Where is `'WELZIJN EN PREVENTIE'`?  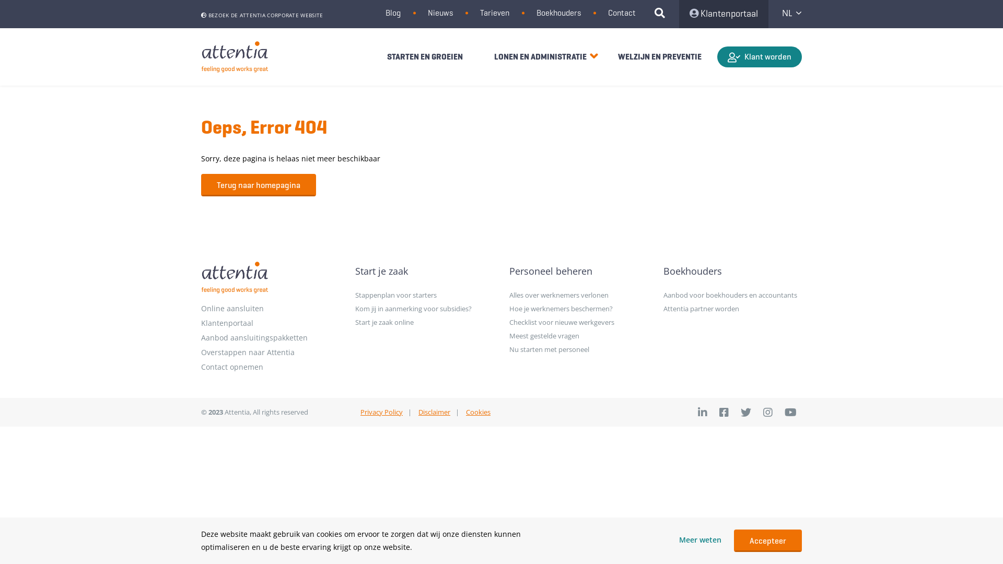
'WELZIJN EN PREVENTIE' is located at coordinates (659, 56).